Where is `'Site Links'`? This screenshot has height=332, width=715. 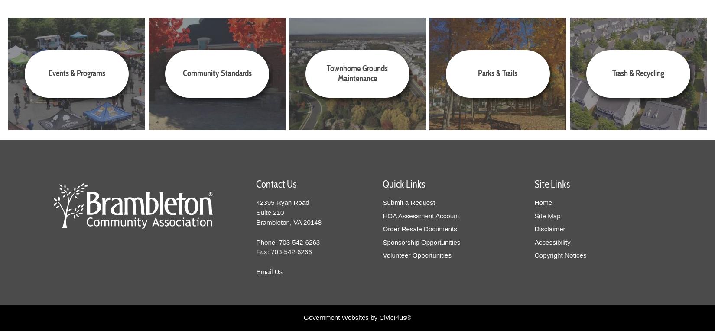
'Site Links' is located at coordinates (551, 184).